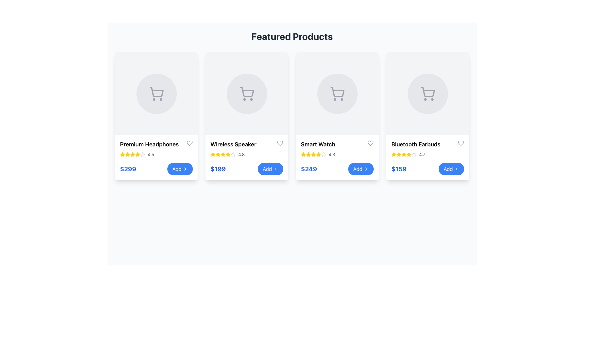  What do you see at coordinates (246, 144) in the screenshot?
I see `the text label displaying 'Wireless Speaker'` at bounding box center [246, 144].